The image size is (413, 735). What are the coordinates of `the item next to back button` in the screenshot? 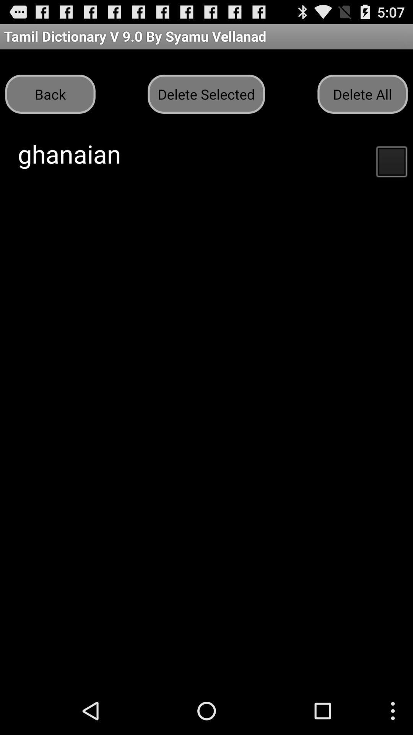 It's located at (206, 93).